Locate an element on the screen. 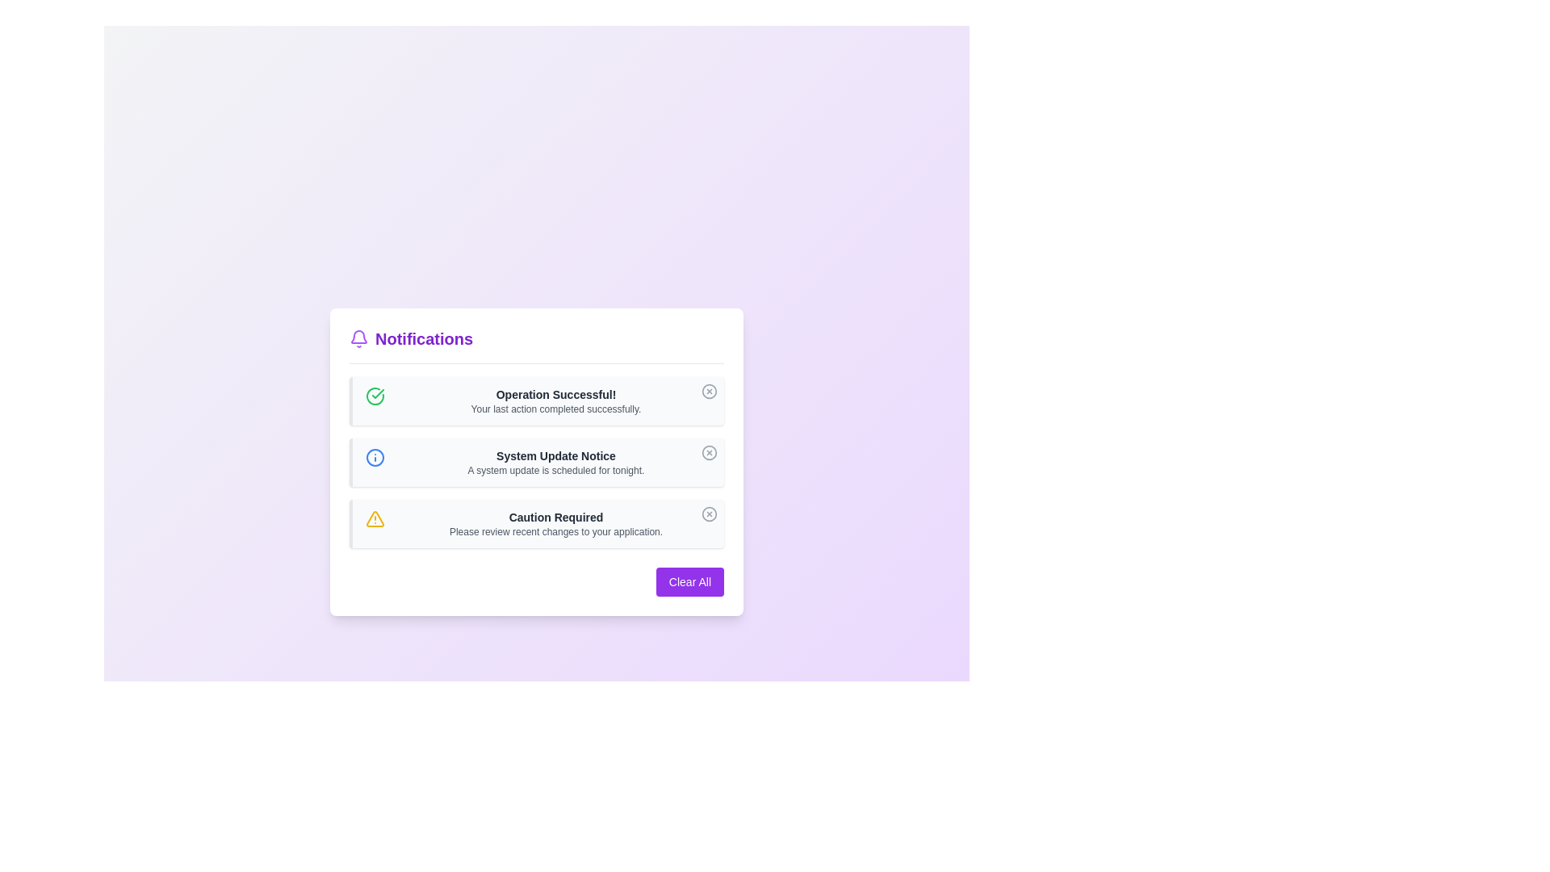 The image size is (1550, 872). the individual notifications in the notification panel which has a white background, rounded corners, and contains notifications including 'Operation Successful!', 'System Update Notice', and 'Caution Required' is located at coordinates (537, 461).